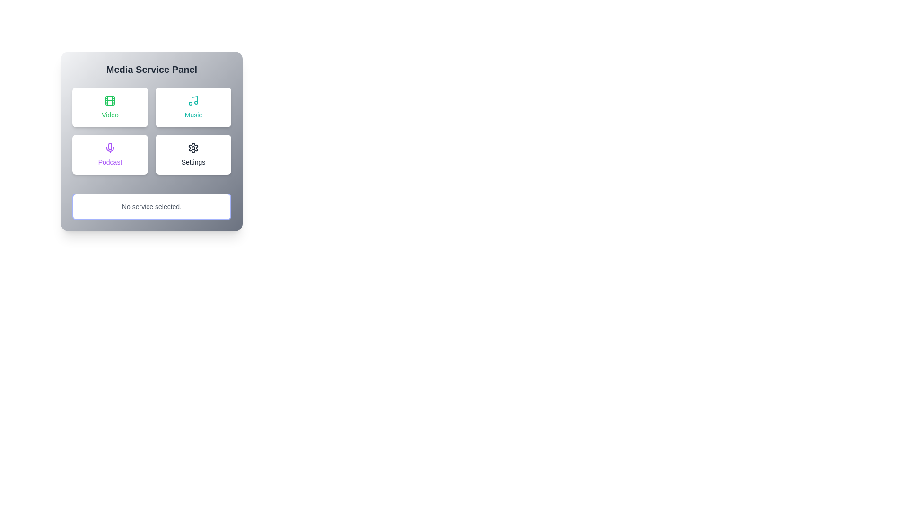 This screenshot has height=511, width=908. I want to click on the cogwheel icon in the bottom-right section of the grid, so click(192, 148).